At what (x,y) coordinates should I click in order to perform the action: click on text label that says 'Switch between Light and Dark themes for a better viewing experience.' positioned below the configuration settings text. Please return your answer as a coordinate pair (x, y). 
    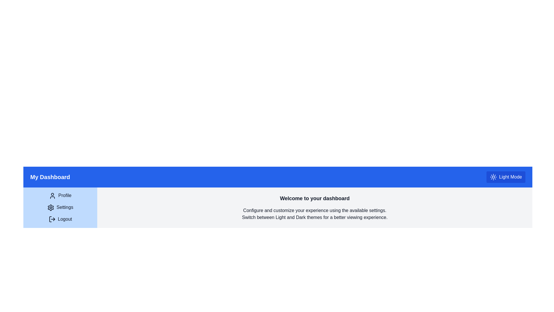
    Looking at the image, I should click on (314, 217).